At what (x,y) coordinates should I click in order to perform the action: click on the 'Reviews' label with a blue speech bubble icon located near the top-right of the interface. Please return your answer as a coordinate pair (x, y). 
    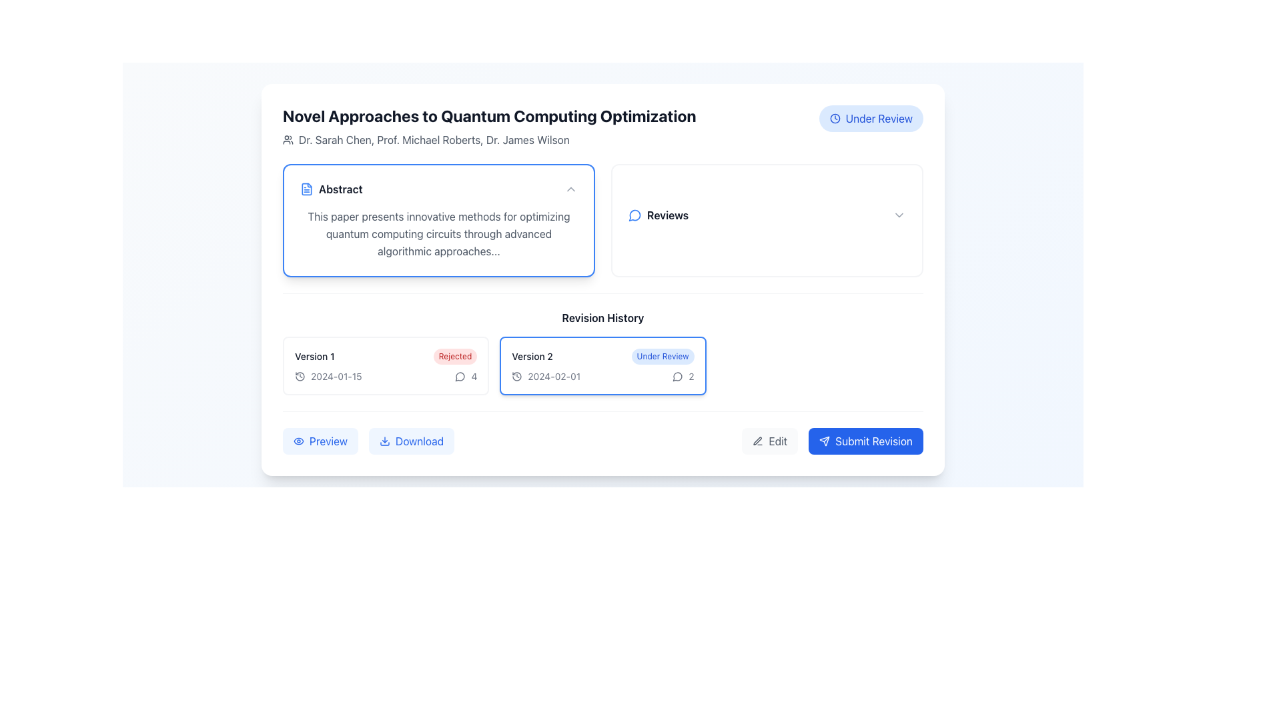
    Looking at the image, I should click on (659, 215).